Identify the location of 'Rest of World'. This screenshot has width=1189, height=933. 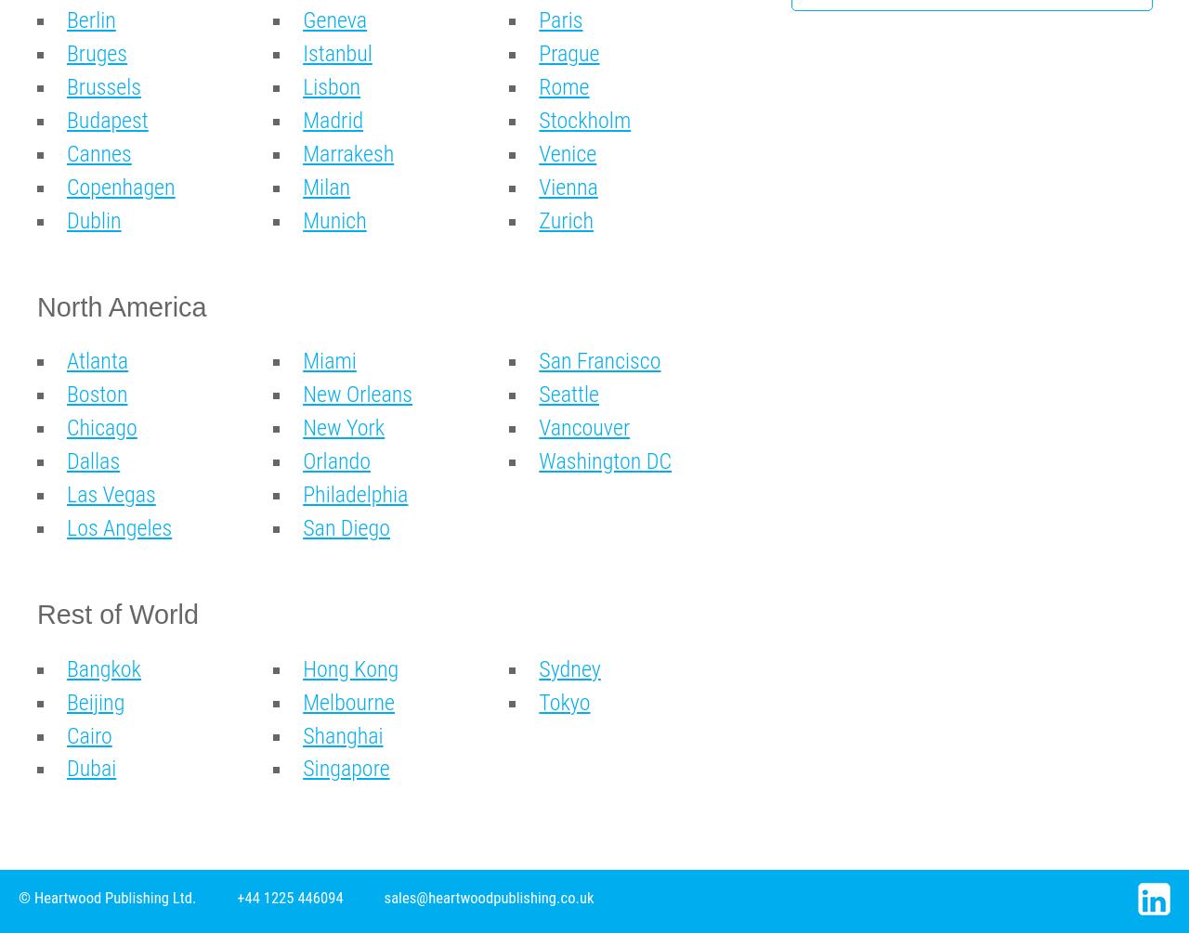
(116, 612).